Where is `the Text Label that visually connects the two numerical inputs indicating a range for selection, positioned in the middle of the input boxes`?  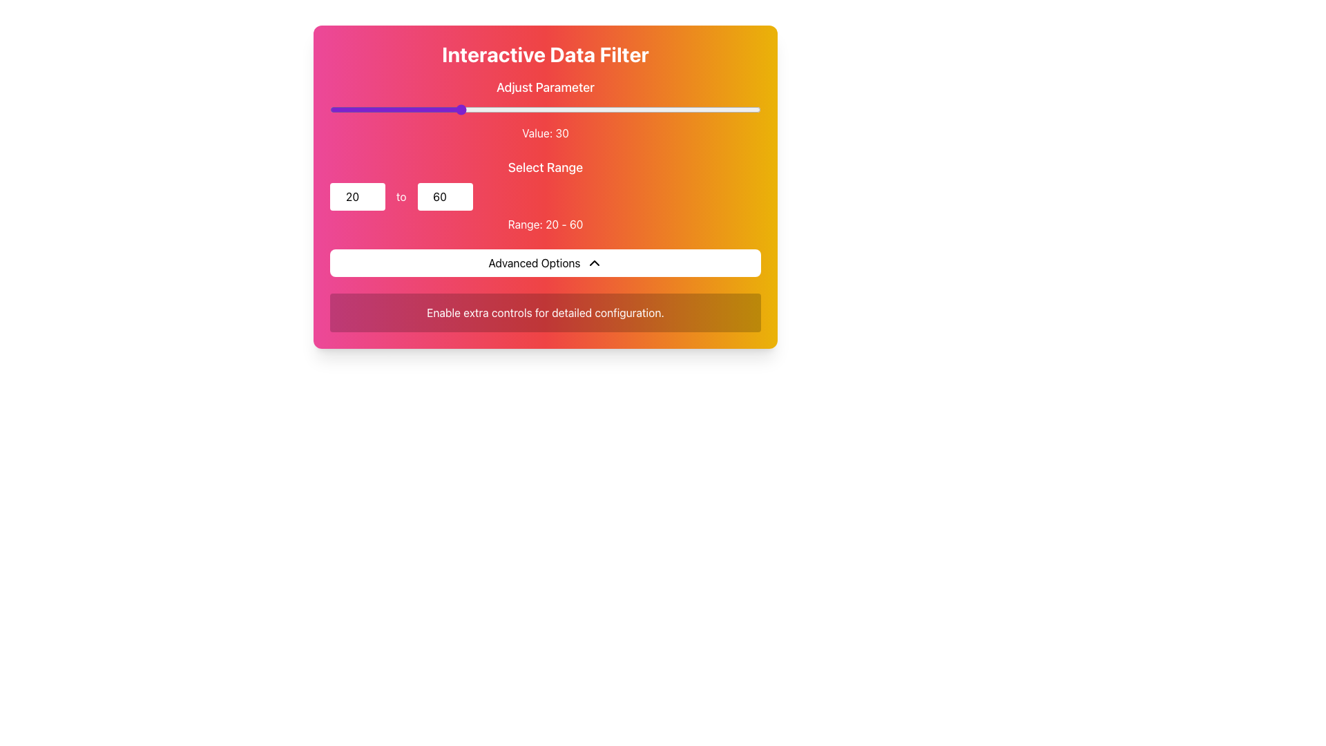
the Text Label that visually connects the two numerical inputs indicating a range for selection, positioned in the middle of the input boxes is located at coordinates (401, 197).